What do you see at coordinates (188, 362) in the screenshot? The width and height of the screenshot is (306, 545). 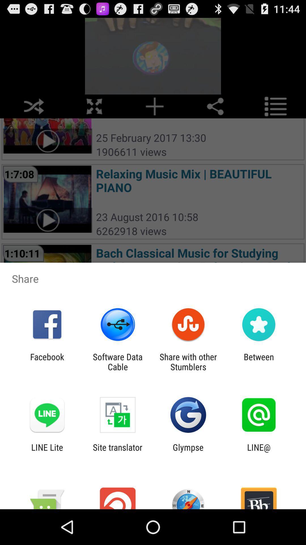 I see `item next to software data cable` at bounding box center [188, 362].